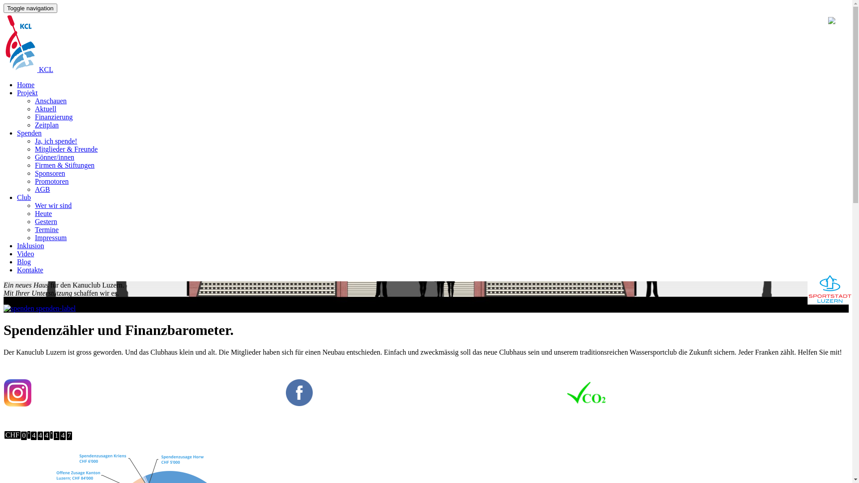  What do you see at coordinates (17, 269) in the screenshot?
I see `'Kontakte'` at bounding box center [17, 269].